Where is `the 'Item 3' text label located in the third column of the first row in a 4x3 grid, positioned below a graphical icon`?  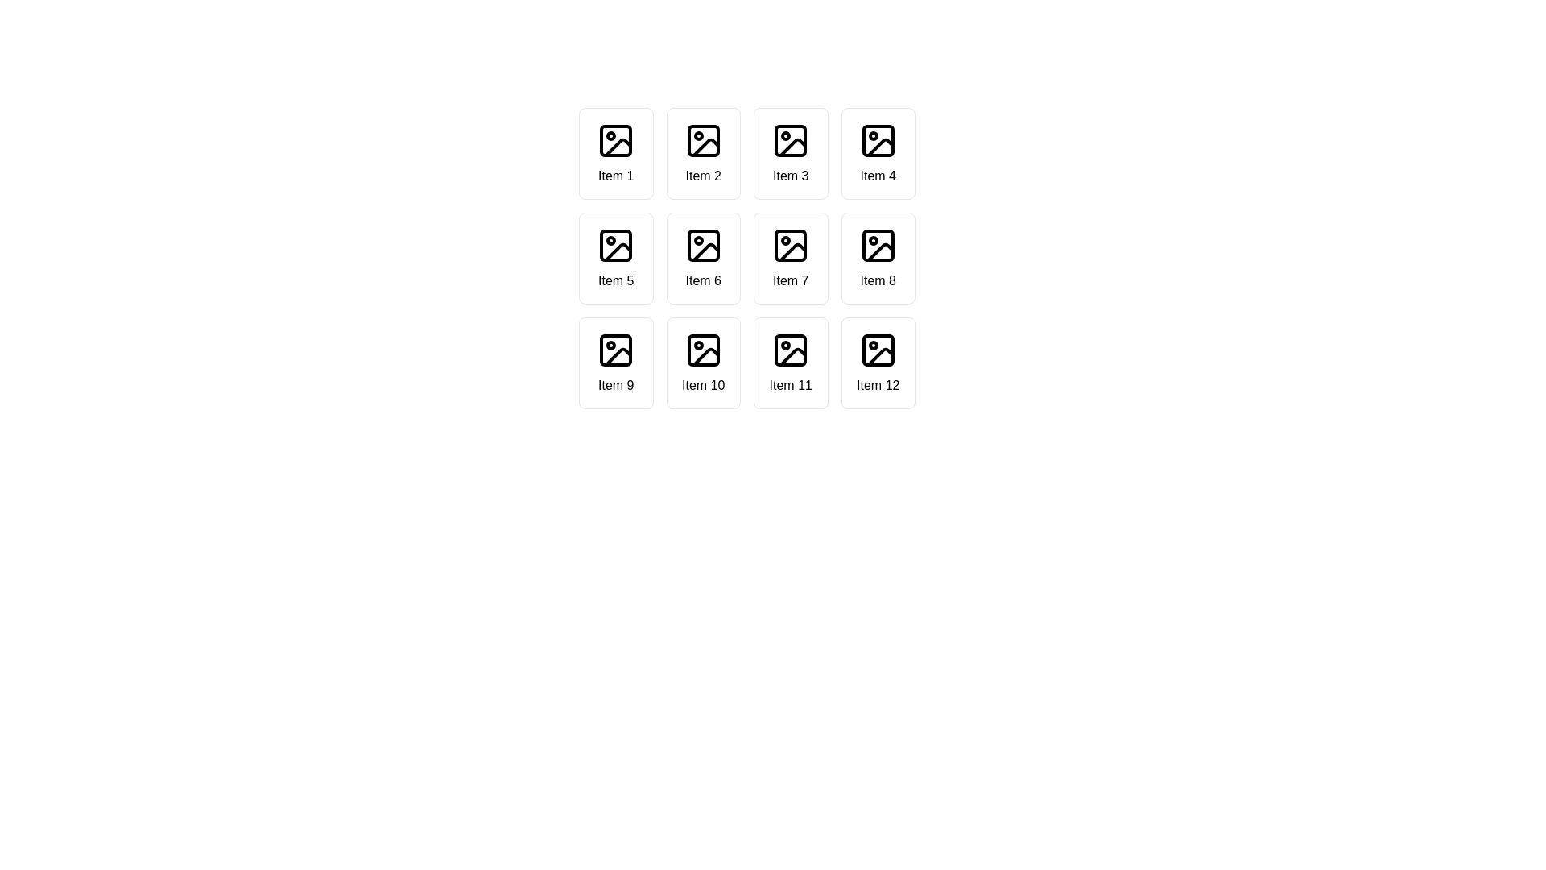
the 'Item 3' text label located in the third column of the first row in a 4x3 grid, positioned below a graphical icon is located at coordinates (791, 176).